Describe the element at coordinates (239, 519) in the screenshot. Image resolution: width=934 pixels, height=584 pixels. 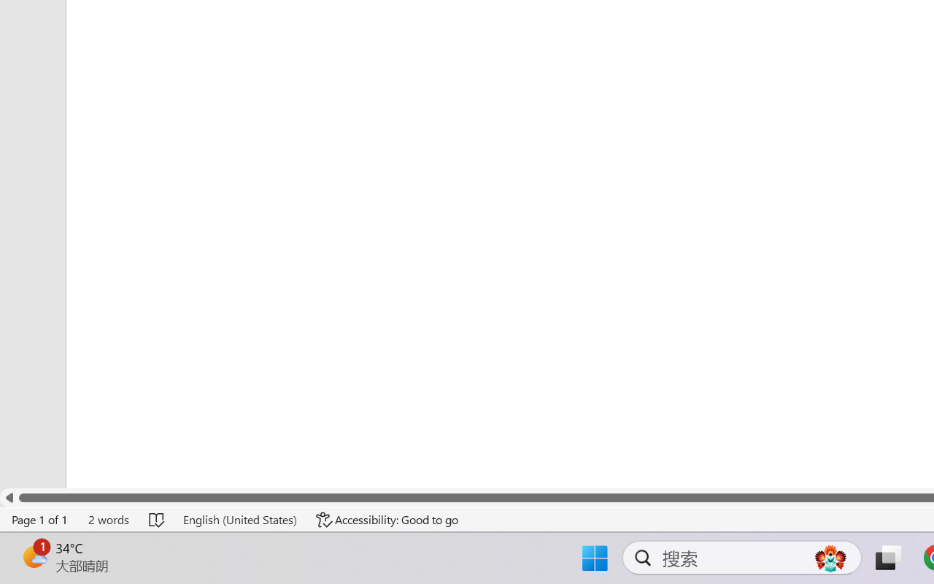
I see `'Language English (United States)'` at that location.